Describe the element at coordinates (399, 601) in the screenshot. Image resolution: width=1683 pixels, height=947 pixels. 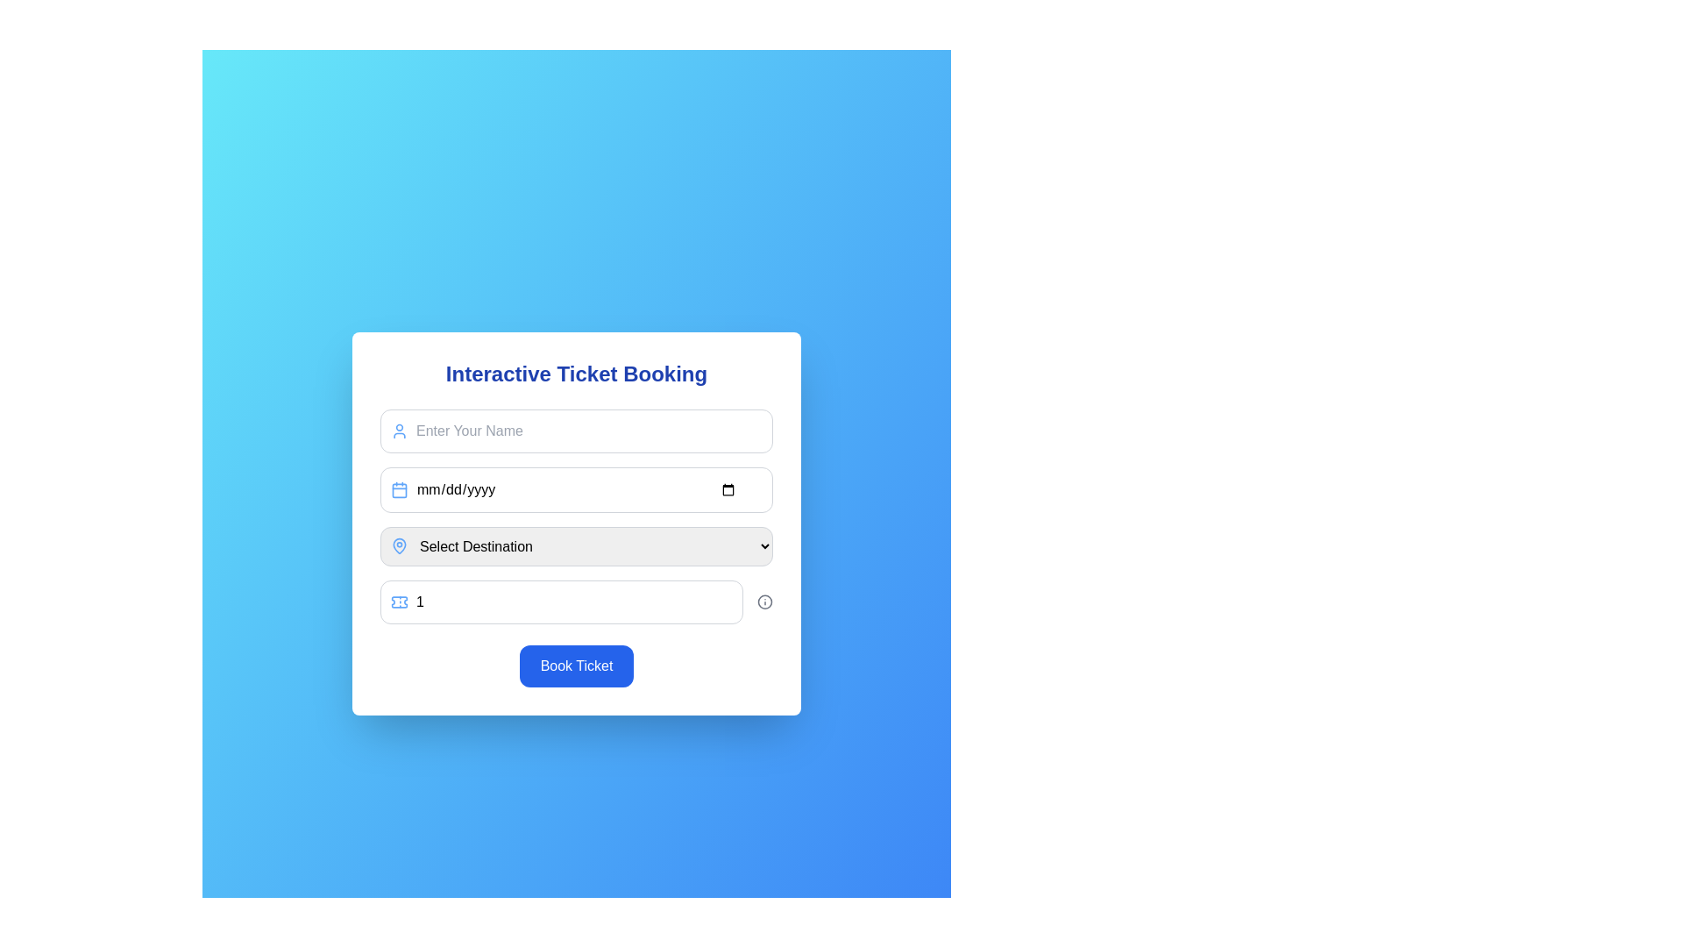
I see `the ticket icon located to the far left of the numerical input field '1' in the interactive booking interface` at that location.